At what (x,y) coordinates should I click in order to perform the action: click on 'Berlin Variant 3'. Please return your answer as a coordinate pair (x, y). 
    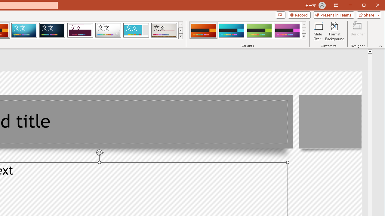
    Looking at the image, I should click on (259, 30).